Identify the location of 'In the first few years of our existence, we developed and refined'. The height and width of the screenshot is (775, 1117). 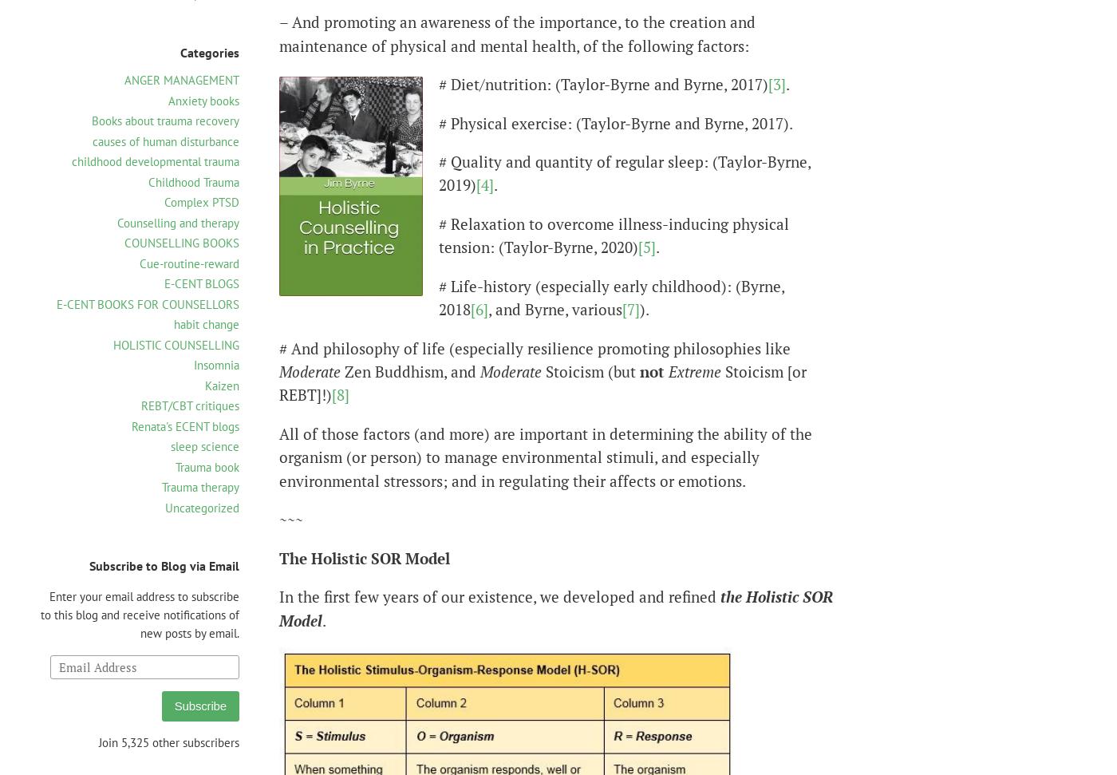
(279, 595).